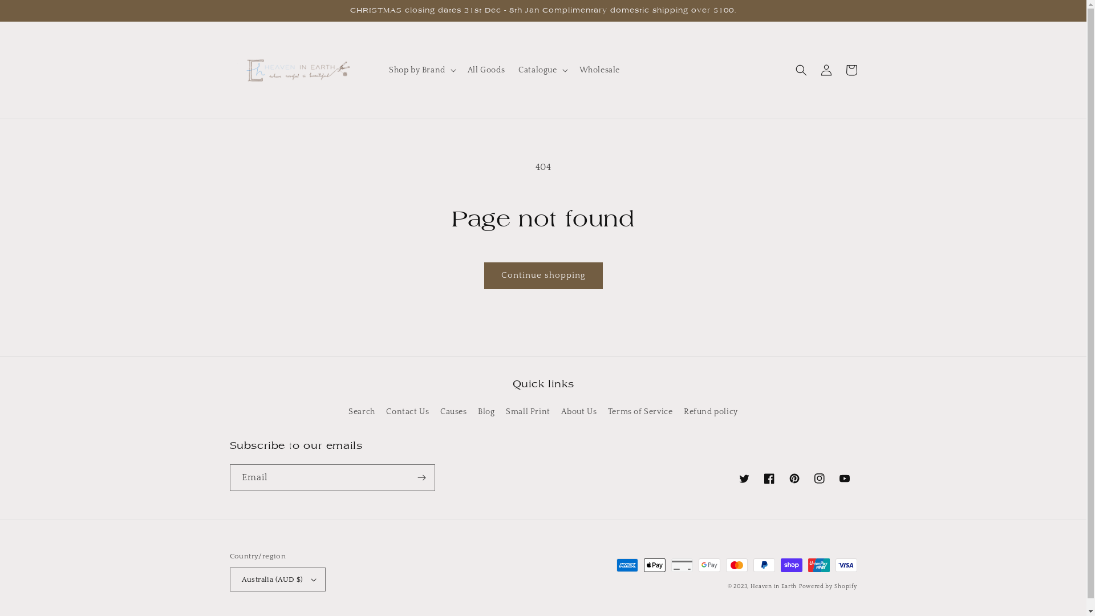  Describe the element at coordinates (851, 70) in the screenshot. I see `'Cart'` at that location.